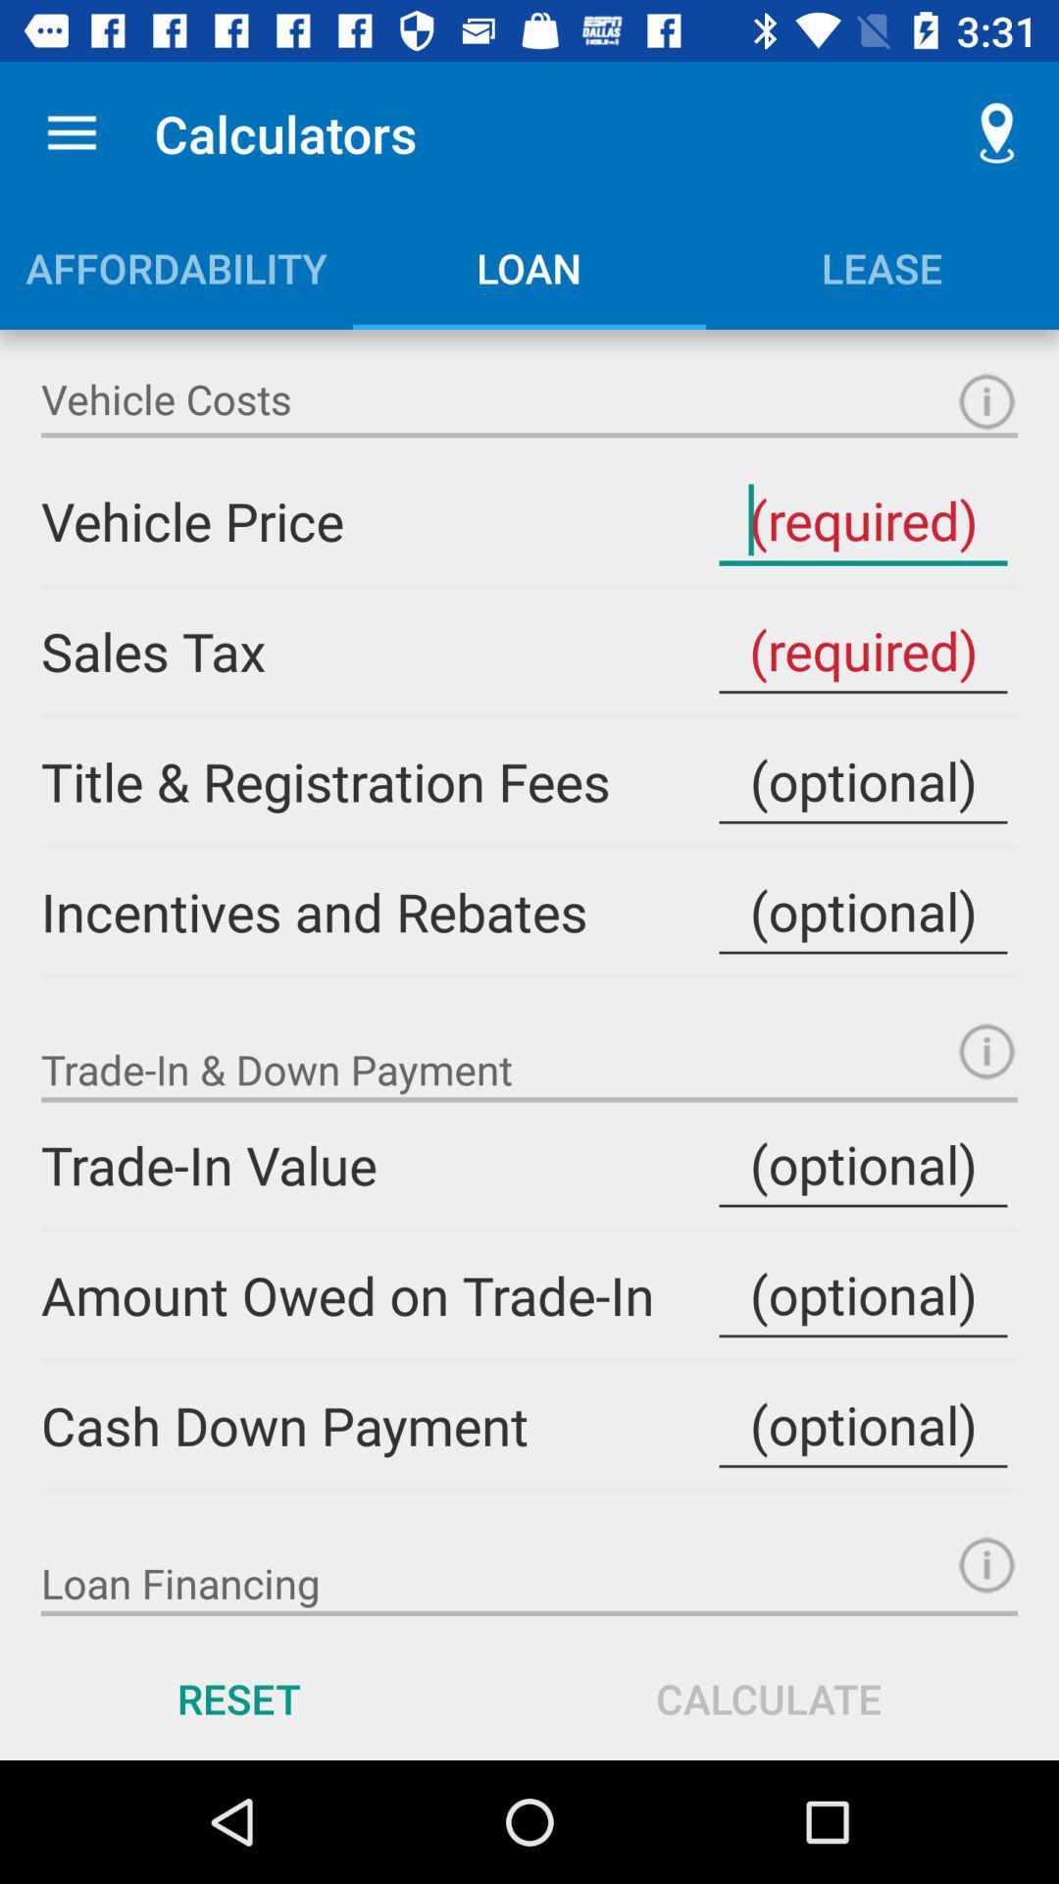  I want to click on the icon above the lease, so click(997, 132).